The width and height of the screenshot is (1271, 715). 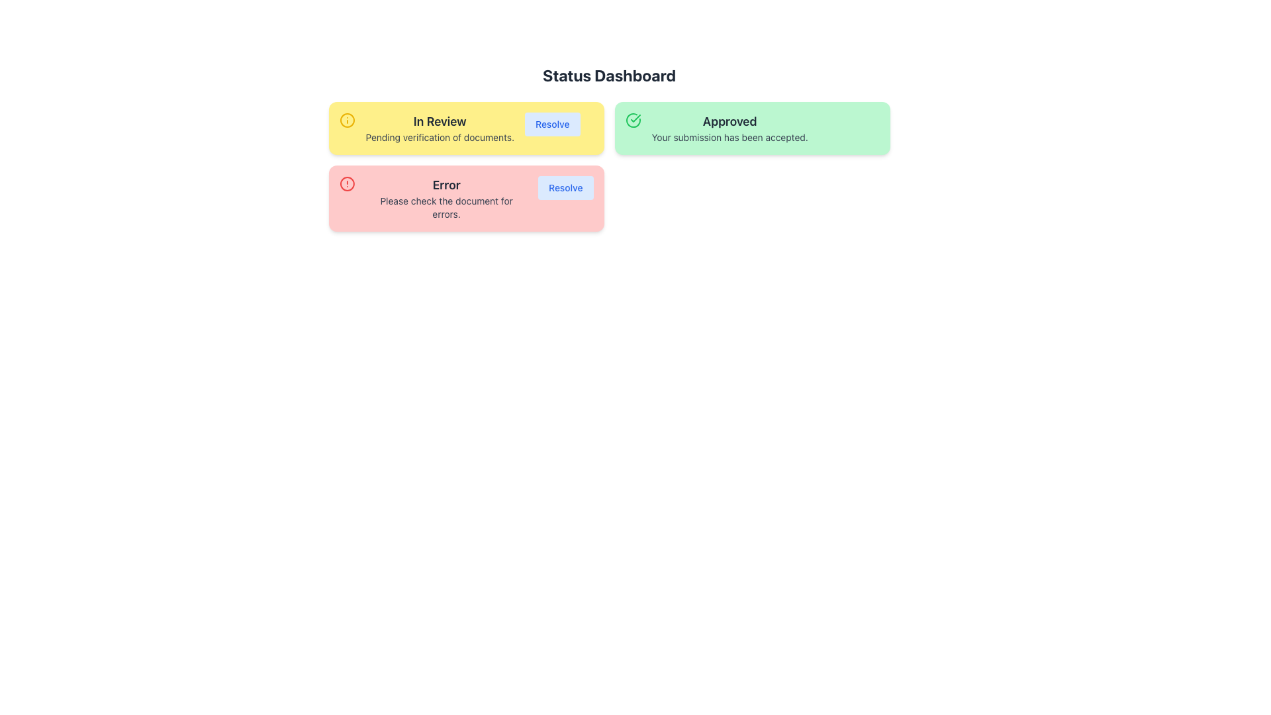 What do you see at coordinates (440, 128) in the screenshot?
I see `the Text Label that displays the status 'In Review' with additional information 'Pending verification of documents', located within a yellow box, to the left of the 'Resolve' button` at bounding box center [440, 128].